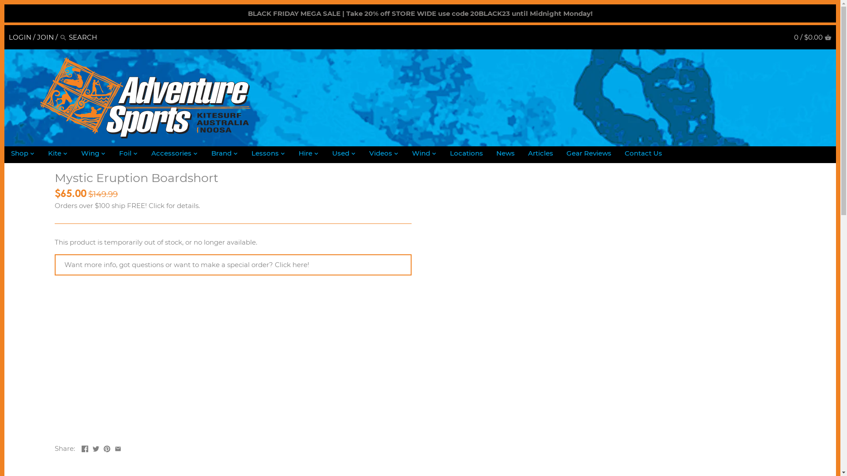 The image size is (847, 476). What do you see at coordinates (45, 36) in the screenshot?
I see `'JOIN'` at bounding box center [45, 36].